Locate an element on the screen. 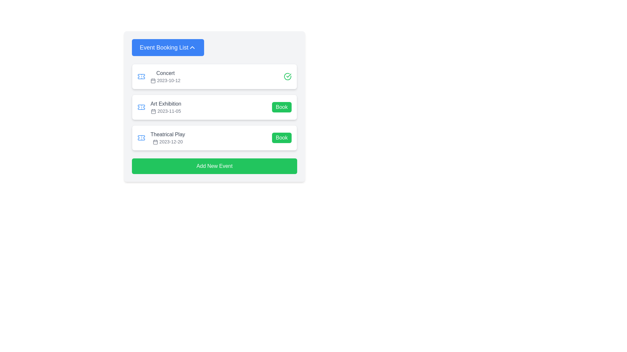 The height and width of the screenshot is (352, 627). event details, including the title and date, from the 'Art Exhibition' event card, which is the second card in a vertically stacked list of event cards is located at coordinates (215, 107).